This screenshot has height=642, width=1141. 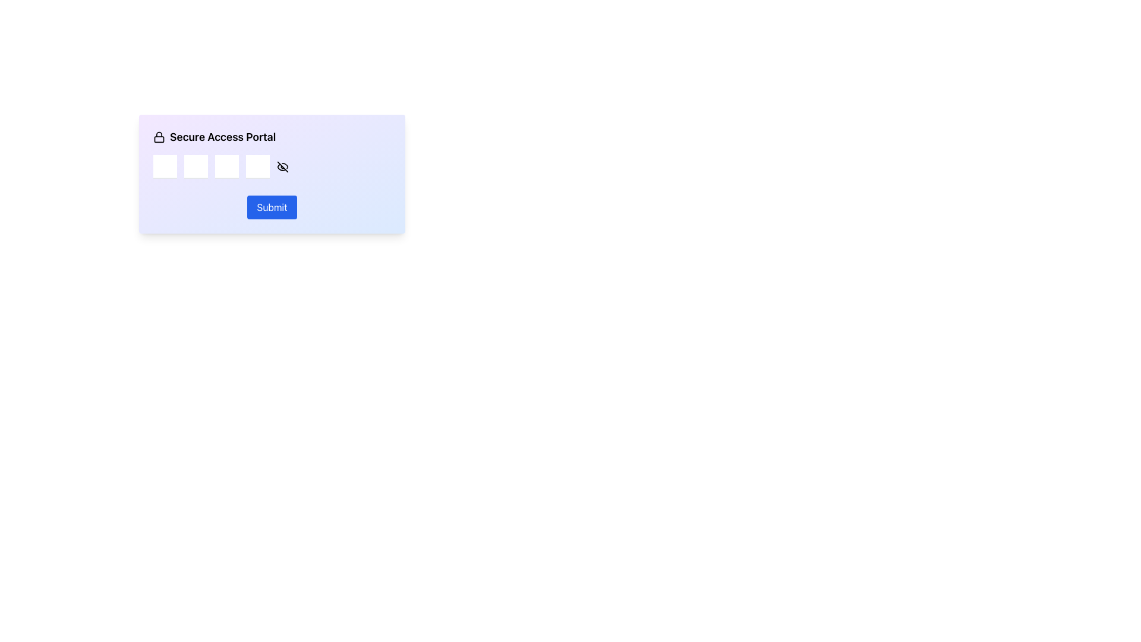 I want to click on the visibility toggle icon located to the right of the input fields in the 'Secure Access Portal' form, so click(x=282, y=167).